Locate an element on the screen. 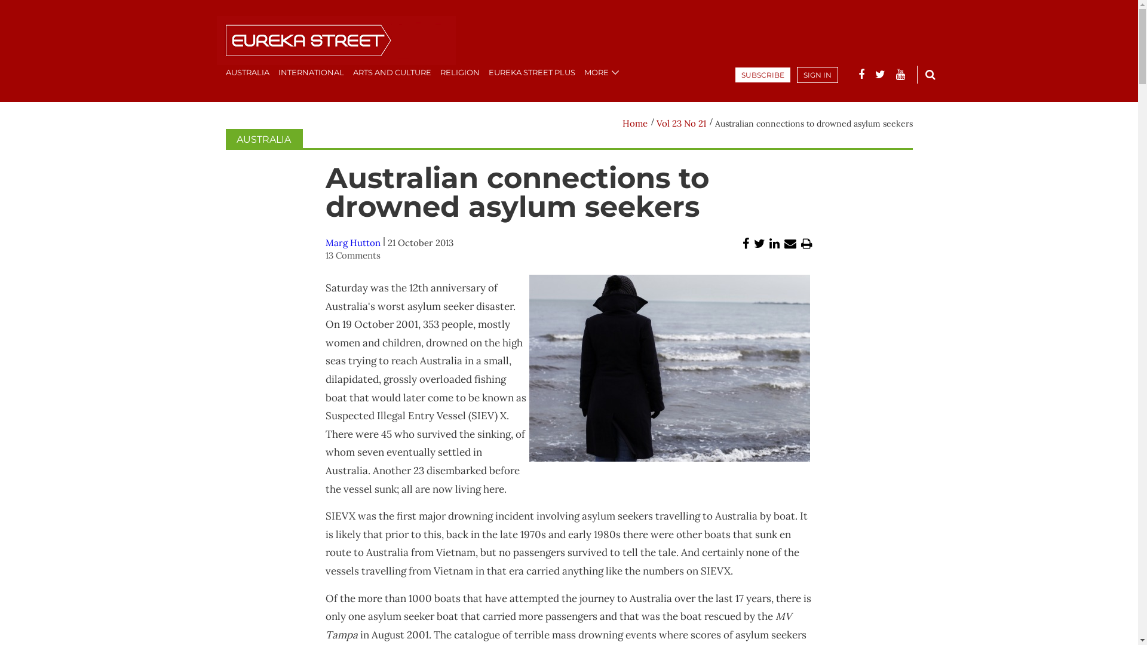 This screenshot has height=645, width=1147. 'LinkedIn' is located at coordinates (774, 243).